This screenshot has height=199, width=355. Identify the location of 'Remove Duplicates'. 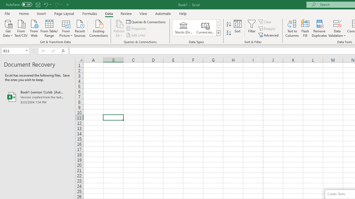
(319, 28).